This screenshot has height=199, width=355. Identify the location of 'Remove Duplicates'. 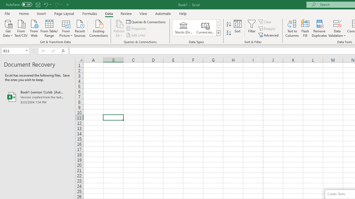
(319, 28).